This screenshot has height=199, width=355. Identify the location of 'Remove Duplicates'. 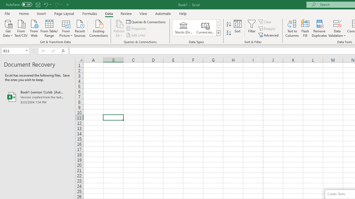
(319, 28).